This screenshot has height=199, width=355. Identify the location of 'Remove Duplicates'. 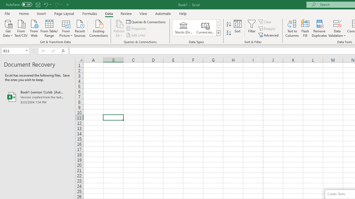
(319, 28).